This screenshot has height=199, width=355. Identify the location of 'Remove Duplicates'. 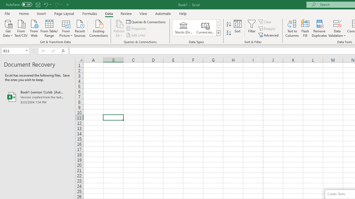
(319, 28).